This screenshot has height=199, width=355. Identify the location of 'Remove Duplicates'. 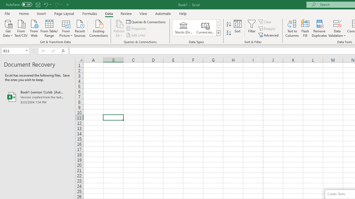
(319, 28).